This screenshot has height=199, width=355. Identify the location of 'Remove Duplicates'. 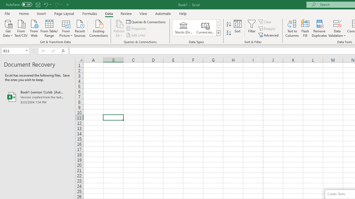
(319, 28).